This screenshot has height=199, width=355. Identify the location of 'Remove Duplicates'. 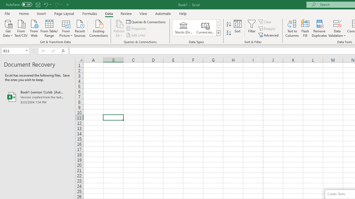
(319, 28).